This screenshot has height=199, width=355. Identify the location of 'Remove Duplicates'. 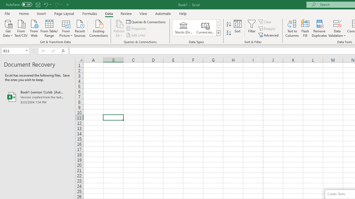
(319, 28).